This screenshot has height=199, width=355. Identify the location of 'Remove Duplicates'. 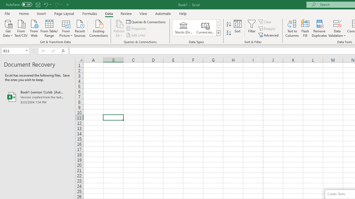
(319, 28).